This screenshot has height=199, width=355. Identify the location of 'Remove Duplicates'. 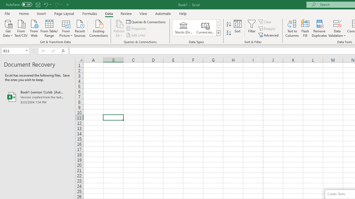
(319, 28).